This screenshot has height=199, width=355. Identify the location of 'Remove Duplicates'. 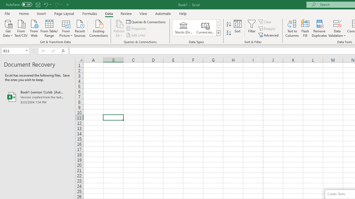
(319, 28).